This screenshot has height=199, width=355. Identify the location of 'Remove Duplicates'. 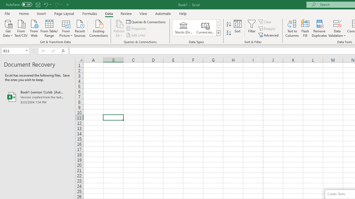
(319, 28).